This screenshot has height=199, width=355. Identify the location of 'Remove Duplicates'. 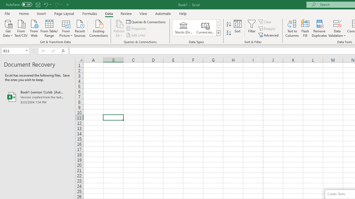
(319, 28).